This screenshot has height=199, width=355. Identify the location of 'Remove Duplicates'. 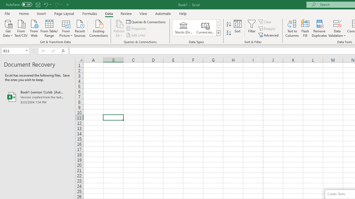
(319, 28).